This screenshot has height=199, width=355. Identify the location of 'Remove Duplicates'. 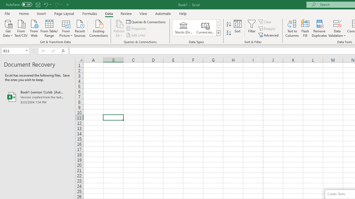
(319, 28).